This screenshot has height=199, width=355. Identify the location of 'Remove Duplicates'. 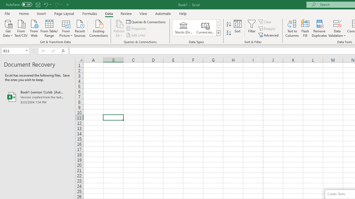
(319, 28).